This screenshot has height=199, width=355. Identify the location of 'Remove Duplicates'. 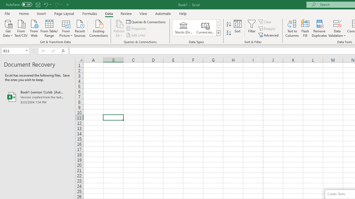
(319, 28).